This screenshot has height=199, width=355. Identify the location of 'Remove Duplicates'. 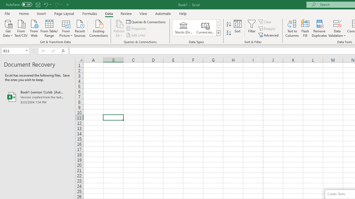
(319, 28).